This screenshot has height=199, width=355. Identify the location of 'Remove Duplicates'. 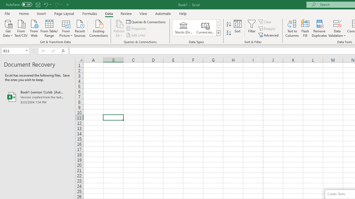
(319, 28).